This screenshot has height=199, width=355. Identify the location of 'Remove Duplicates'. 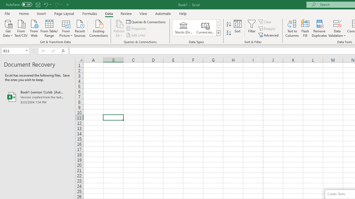
(319, 28).